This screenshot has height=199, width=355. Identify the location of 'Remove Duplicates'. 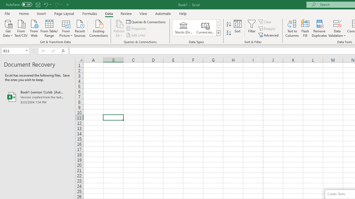
(319, 28).